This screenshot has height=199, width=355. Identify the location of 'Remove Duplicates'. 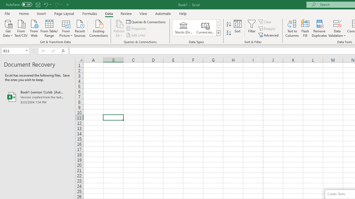
(319, 28).